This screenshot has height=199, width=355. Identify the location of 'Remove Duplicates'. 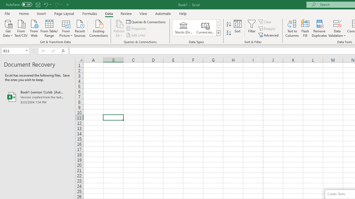
(319, 28).